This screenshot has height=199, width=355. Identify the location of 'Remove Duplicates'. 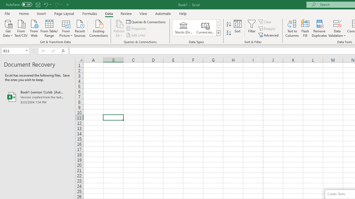
(319, 28).